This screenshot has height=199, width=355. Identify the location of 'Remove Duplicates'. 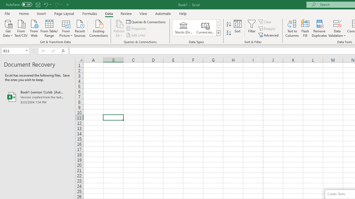
(319, 28).